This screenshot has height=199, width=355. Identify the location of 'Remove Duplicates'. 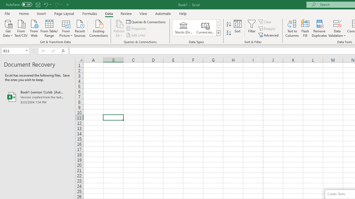
(319, 28).